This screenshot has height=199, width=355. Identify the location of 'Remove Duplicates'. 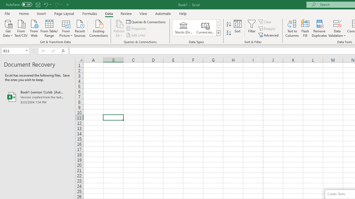
(319, 28).